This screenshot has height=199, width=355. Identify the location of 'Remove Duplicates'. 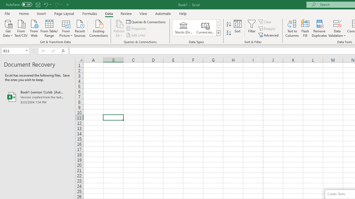
(319, 28).